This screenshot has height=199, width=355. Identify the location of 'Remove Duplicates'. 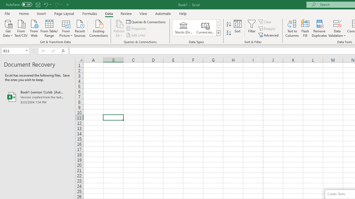
(319, 28).